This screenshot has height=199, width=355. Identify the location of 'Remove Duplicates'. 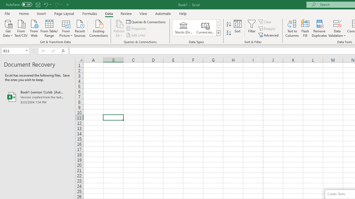
(319, 28).